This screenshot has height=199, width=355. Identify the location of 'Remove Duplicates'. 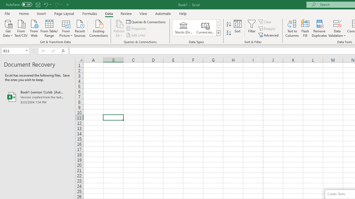
(319, 28).